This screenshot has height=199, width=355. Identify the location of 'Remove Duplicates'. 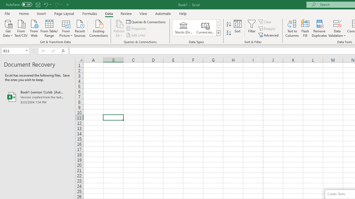
(319, 28).